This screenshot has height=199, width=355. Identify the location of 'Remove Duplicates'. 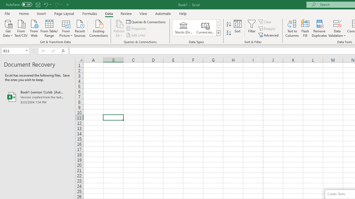
(319, 28).